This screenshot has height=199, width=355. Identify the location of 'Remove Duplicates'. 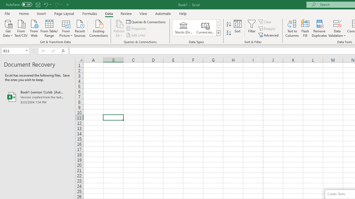
(319, 28).